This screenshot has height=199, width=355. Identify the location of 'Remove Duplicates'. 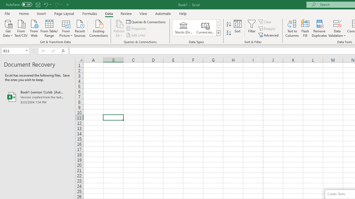
(319, 28).